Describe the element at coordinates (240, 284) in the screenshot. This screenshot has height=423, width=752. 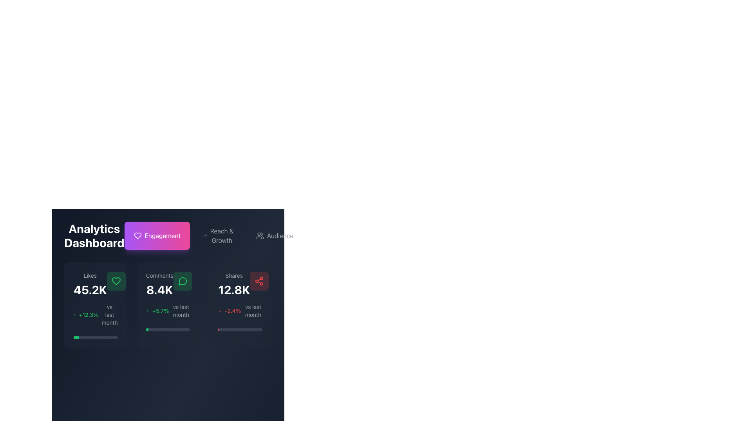
I see `the Text Display and Icon Combination that shows '12.8K' with 'Shares' above it, located in the third column of the dashboard interface` at that location.